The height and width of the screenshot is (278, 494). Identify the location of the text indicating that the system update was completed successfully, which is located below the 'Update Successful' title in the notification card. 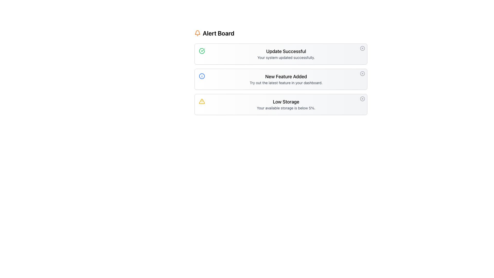
(286, 57).